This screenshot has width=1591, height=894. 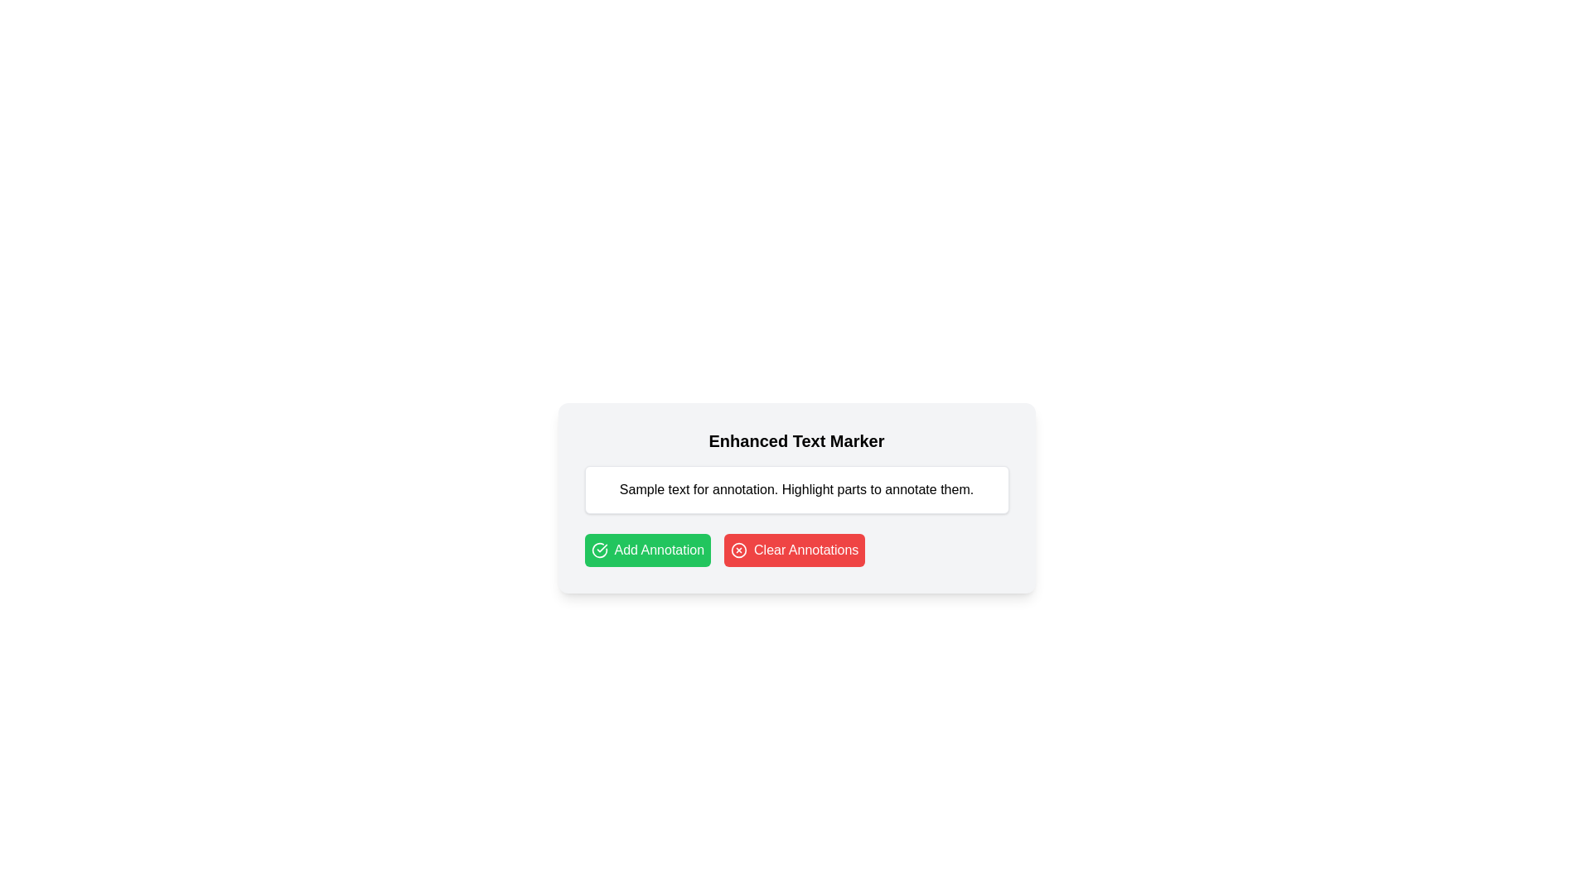 I want to click on the letter 't', so click(x=858, y=488).